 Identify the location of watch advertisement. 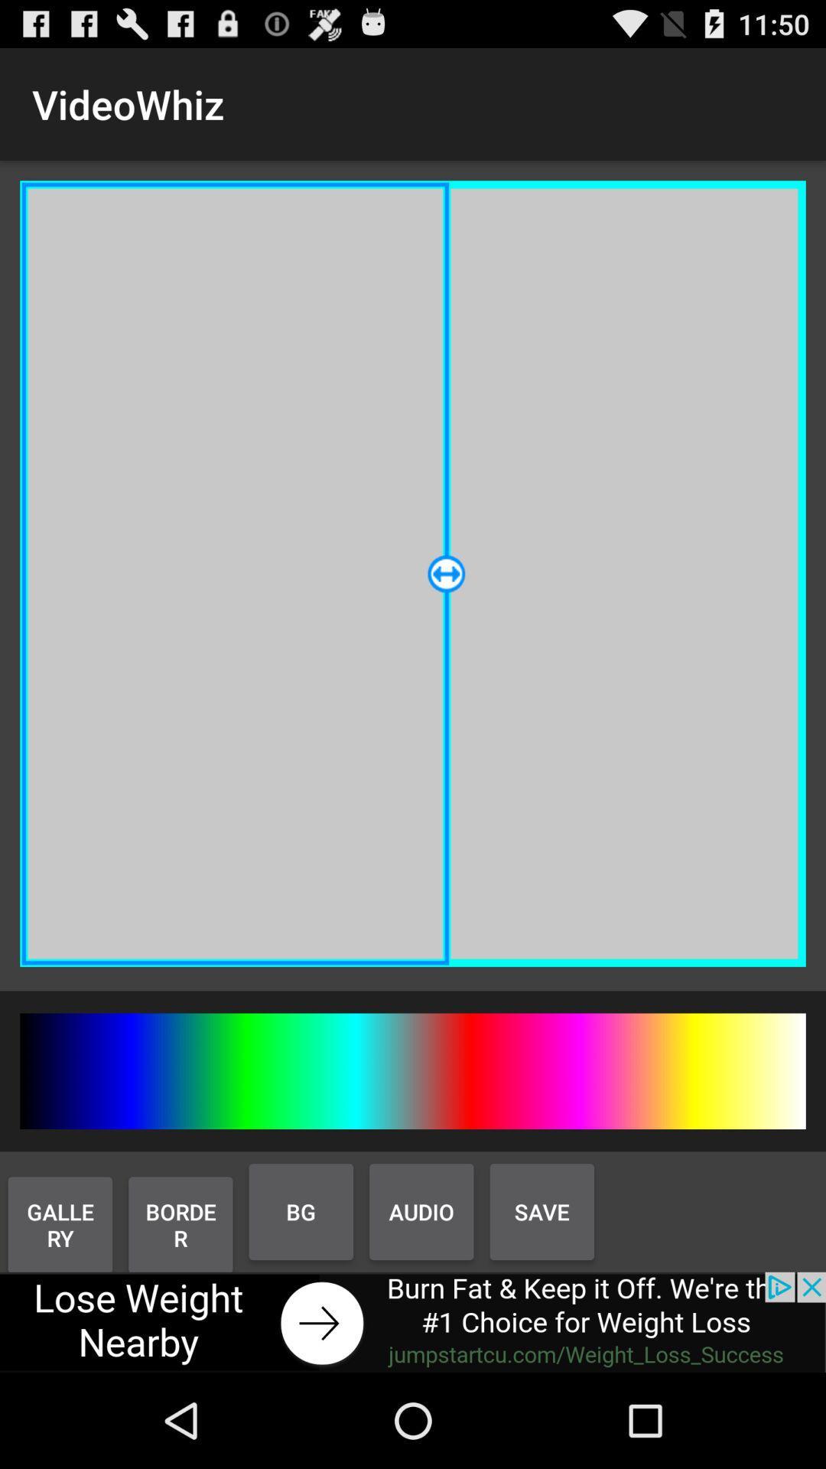
(413, 1321).